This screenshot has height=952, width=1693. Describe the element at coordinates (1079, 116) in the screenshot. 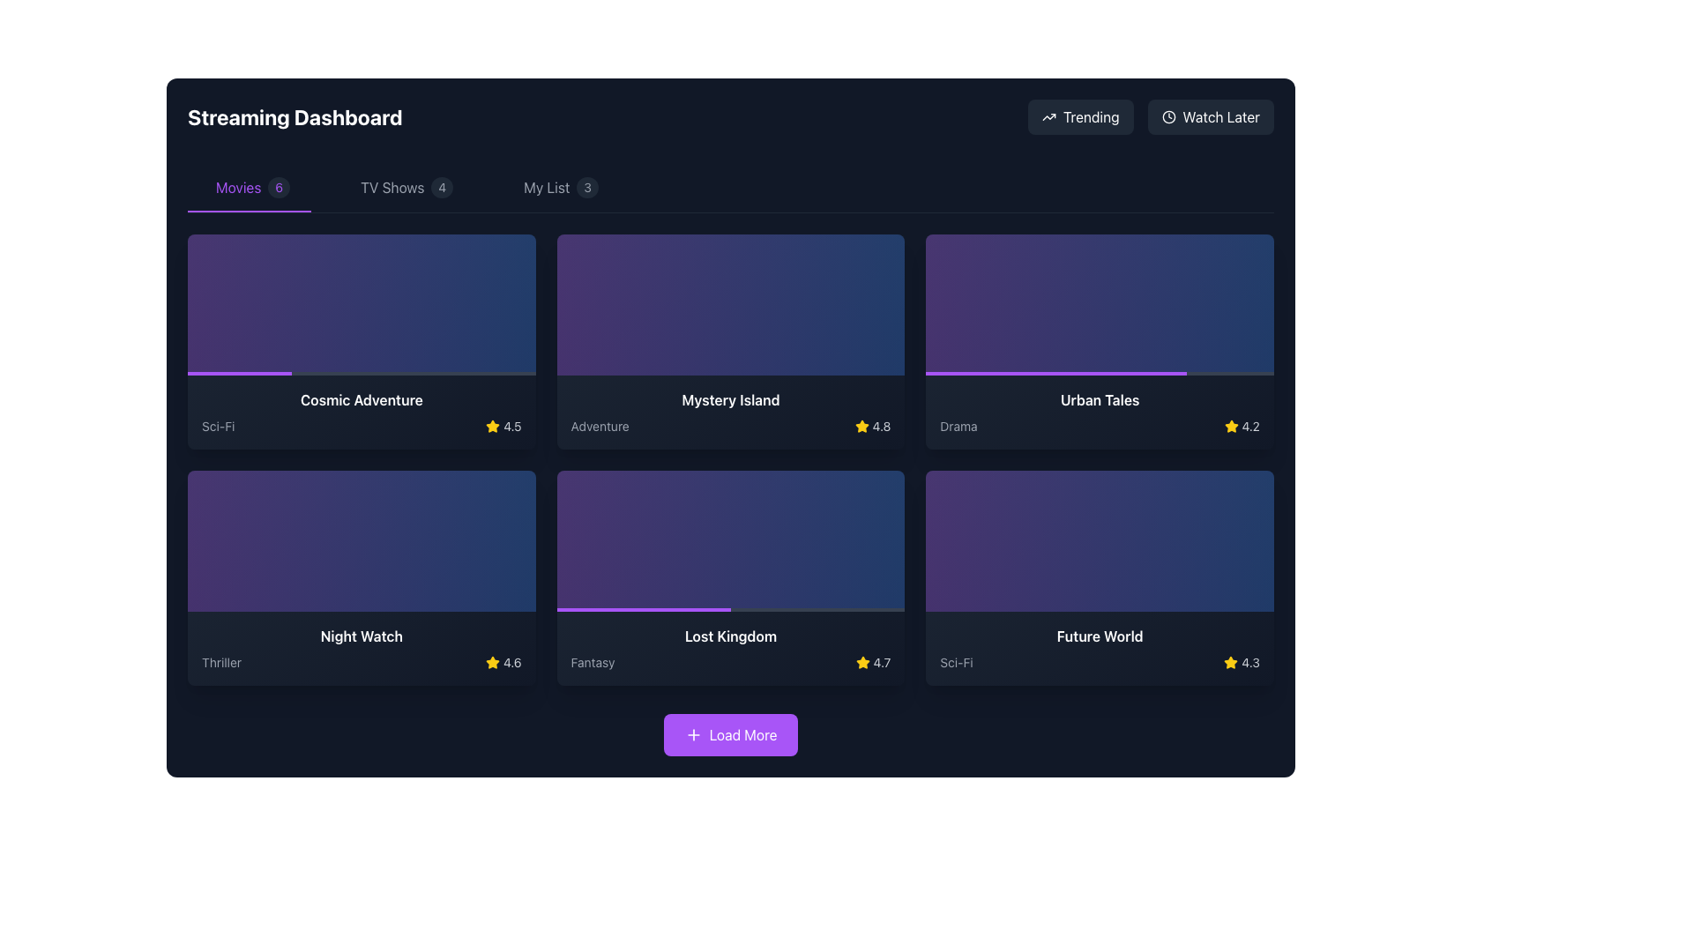

I see `the 'Trending' button located in the top-right navigation bar` at that location.